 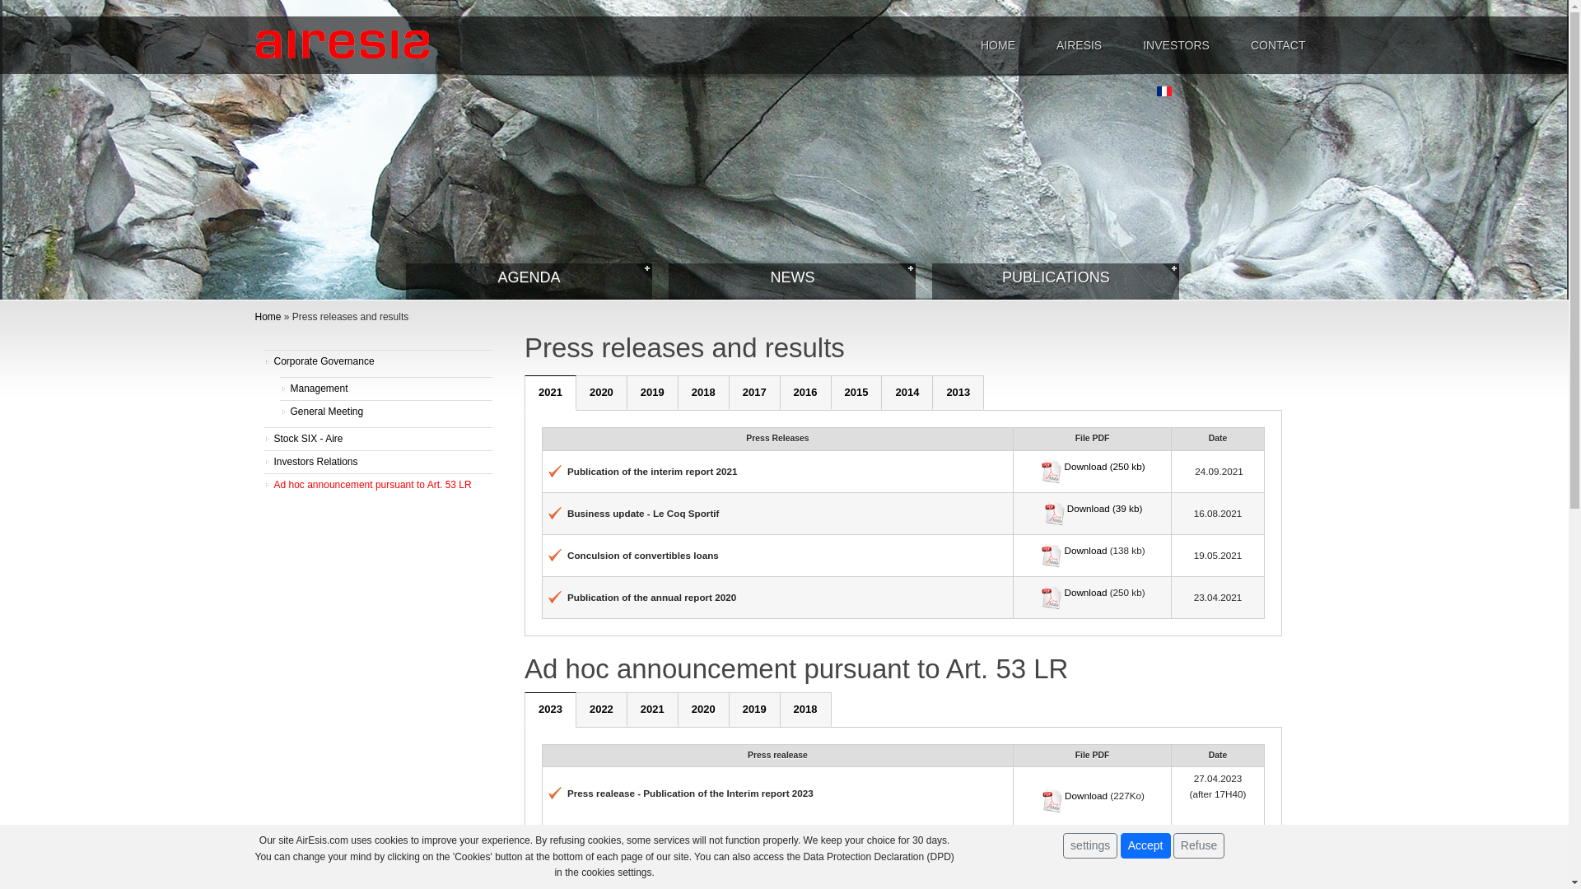 I want to click on '2017', so click(x=753, y=393).